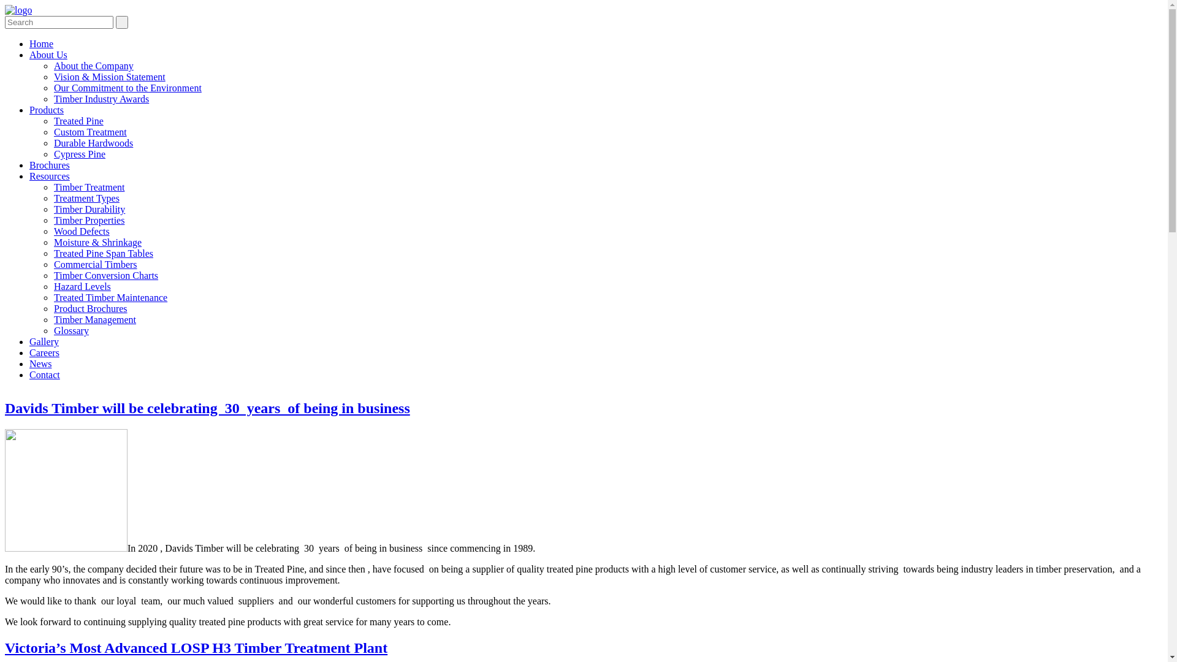 The image size is (1177, 662). What do you see at coordinates (53, 297) in the screenshot?
I see `'Treated Timber Maintenance'` at bounding box center [53, 297].